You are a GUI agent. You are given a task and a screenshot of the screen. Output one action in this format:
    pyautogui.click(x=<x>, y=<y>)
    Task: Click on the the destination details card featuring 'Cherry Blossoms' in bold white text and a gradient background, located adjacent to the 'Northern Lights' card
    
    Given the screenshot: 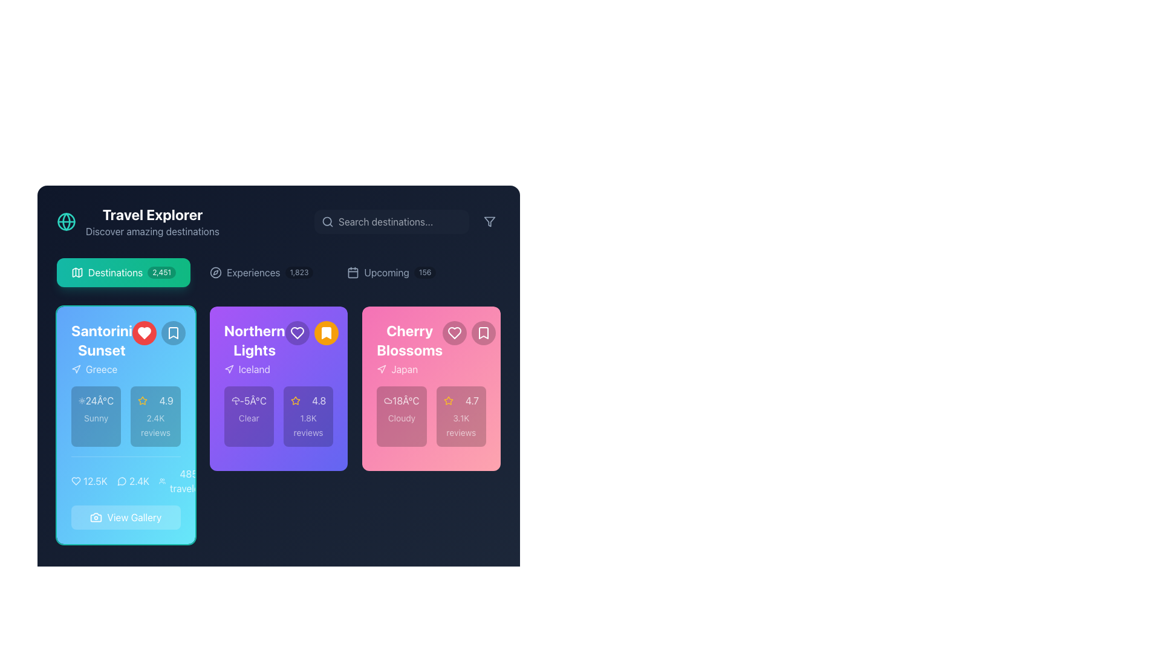 What is the action you would take?
    pyautogui.click(x=431, y=389)
    